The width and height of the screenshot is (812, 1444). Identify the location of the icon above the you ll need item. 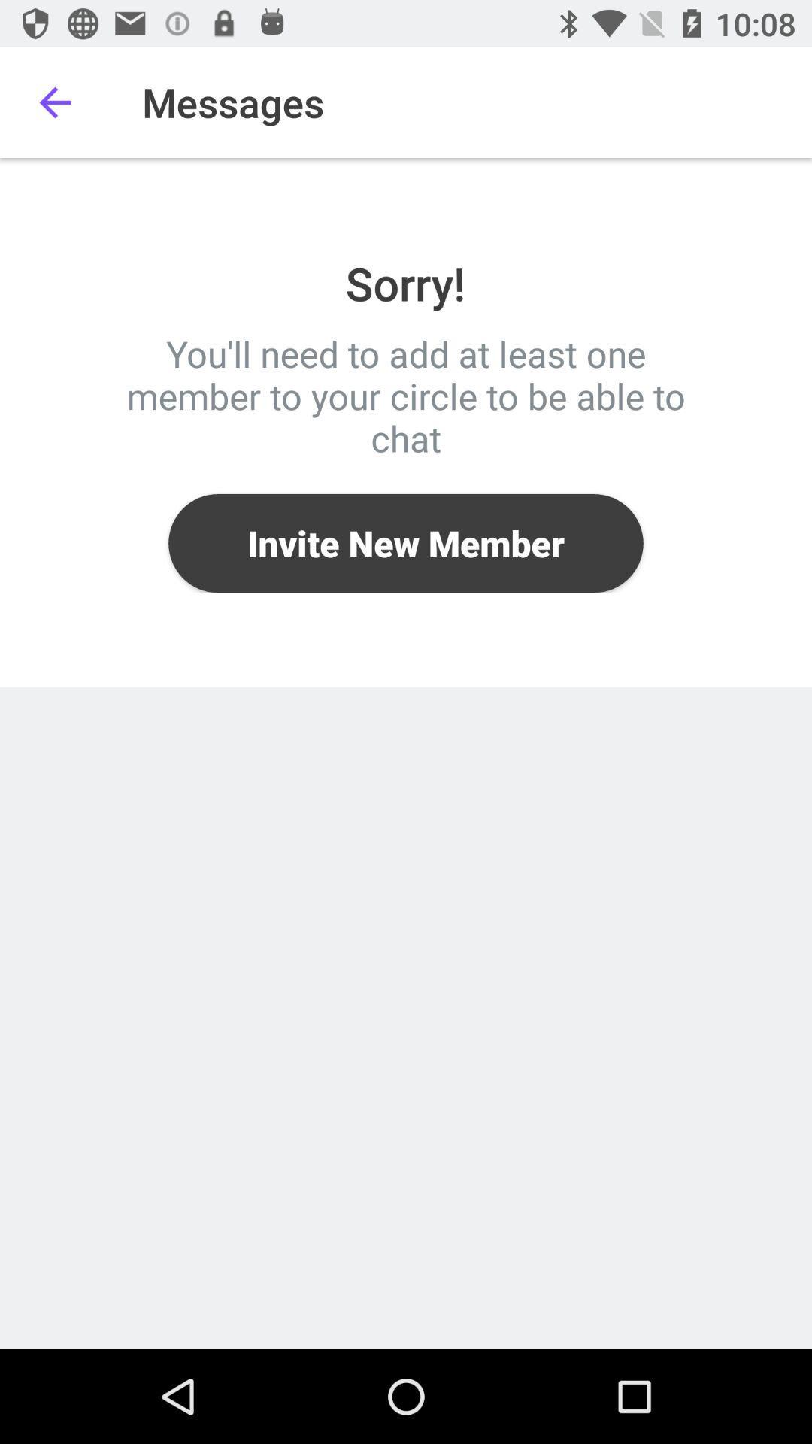
(54, 102).